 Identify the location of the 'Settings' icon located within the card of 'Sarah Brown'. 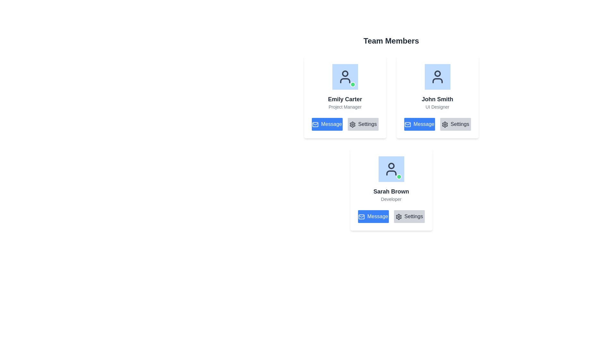
(398, 216).